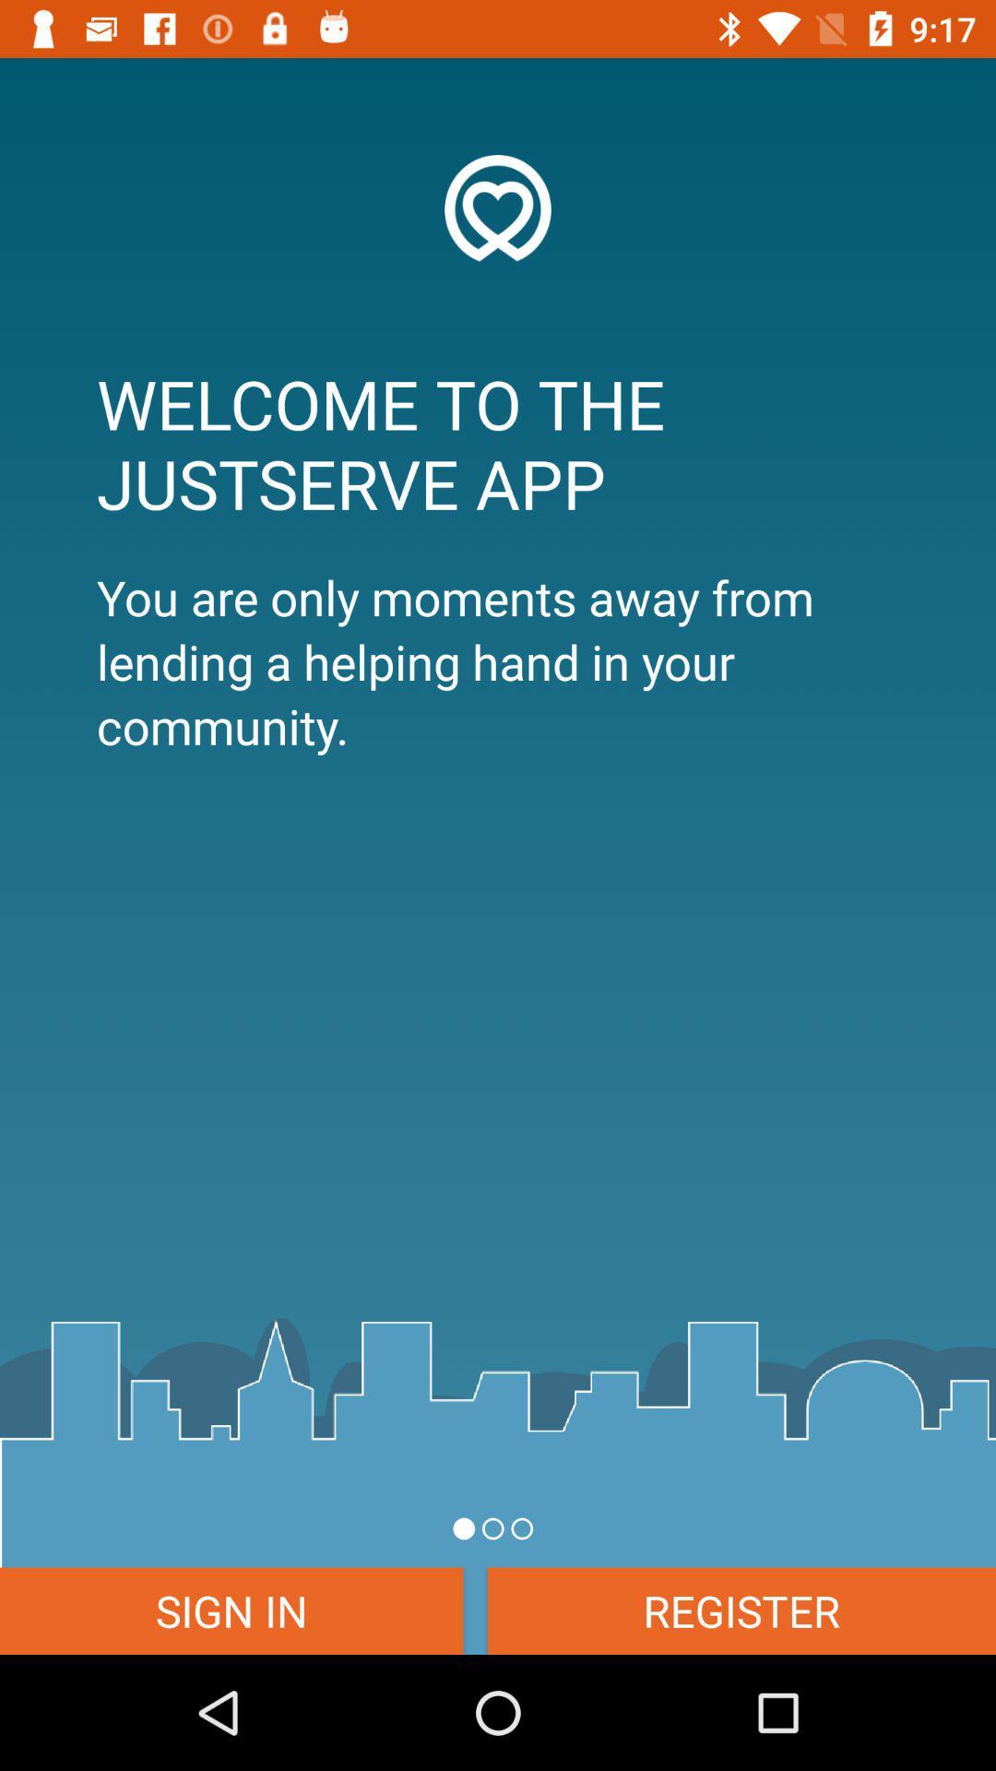 The height and width of the screenshot is (1771, 996). I want to click on the icon at the bottom left corner, so click(231, 1610).